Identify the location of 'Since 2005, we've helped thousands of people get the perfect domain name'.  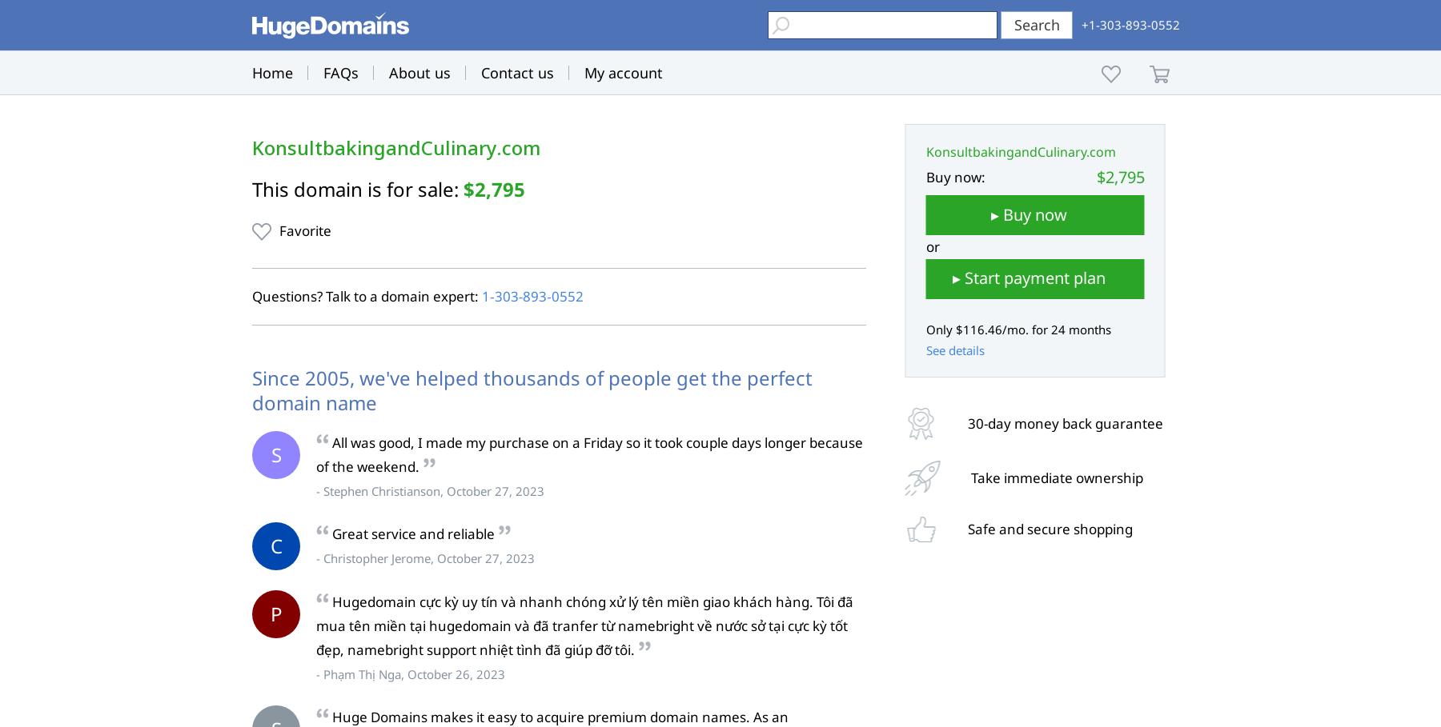
(251, 389).